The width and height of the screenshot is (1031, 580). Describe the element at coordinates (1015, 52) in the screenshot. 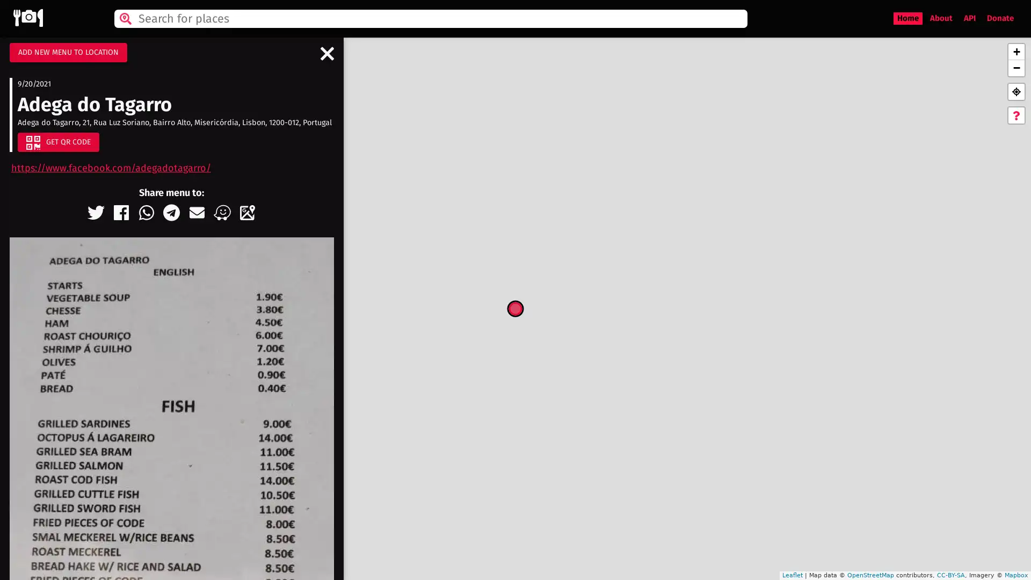

I see `Zoom in` at that location.